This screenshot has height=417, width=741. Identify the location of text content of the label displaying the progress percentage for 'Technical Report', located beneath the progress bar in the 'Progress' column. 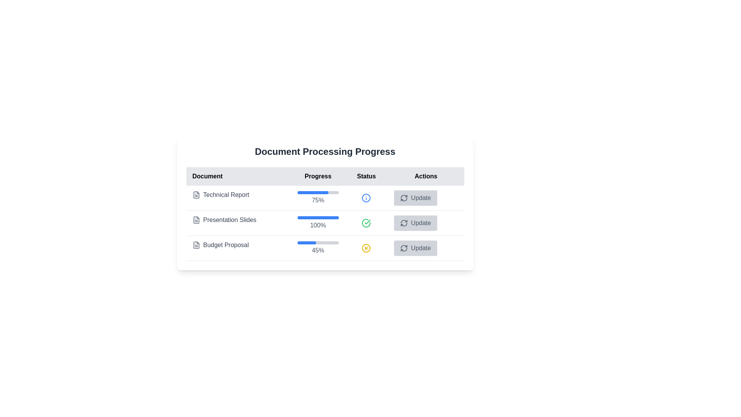
(318, 200).